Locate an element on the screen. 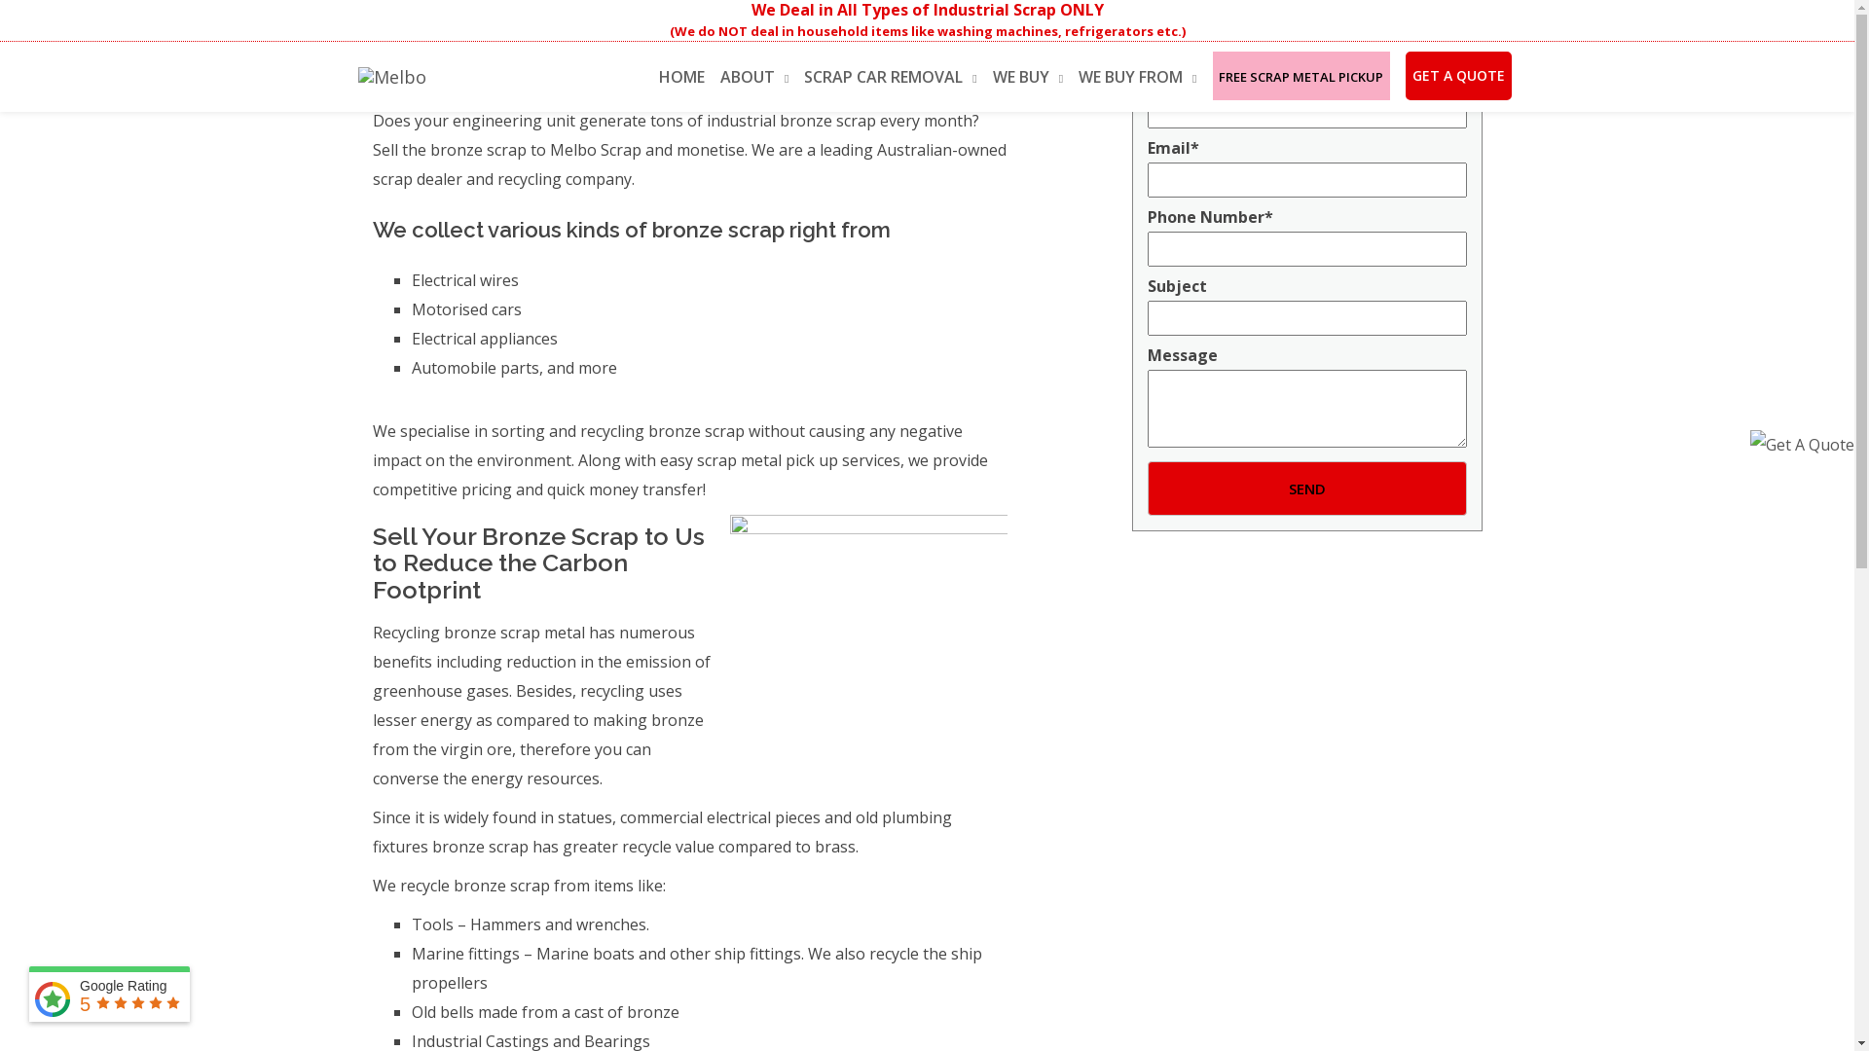  'HOME' is located at coordinates (658, 73).